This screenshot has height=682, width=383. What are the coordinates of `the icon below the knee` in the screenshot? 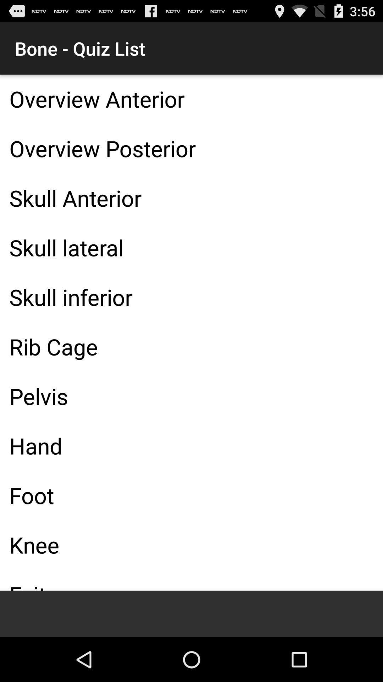 It's located at (191, 580).